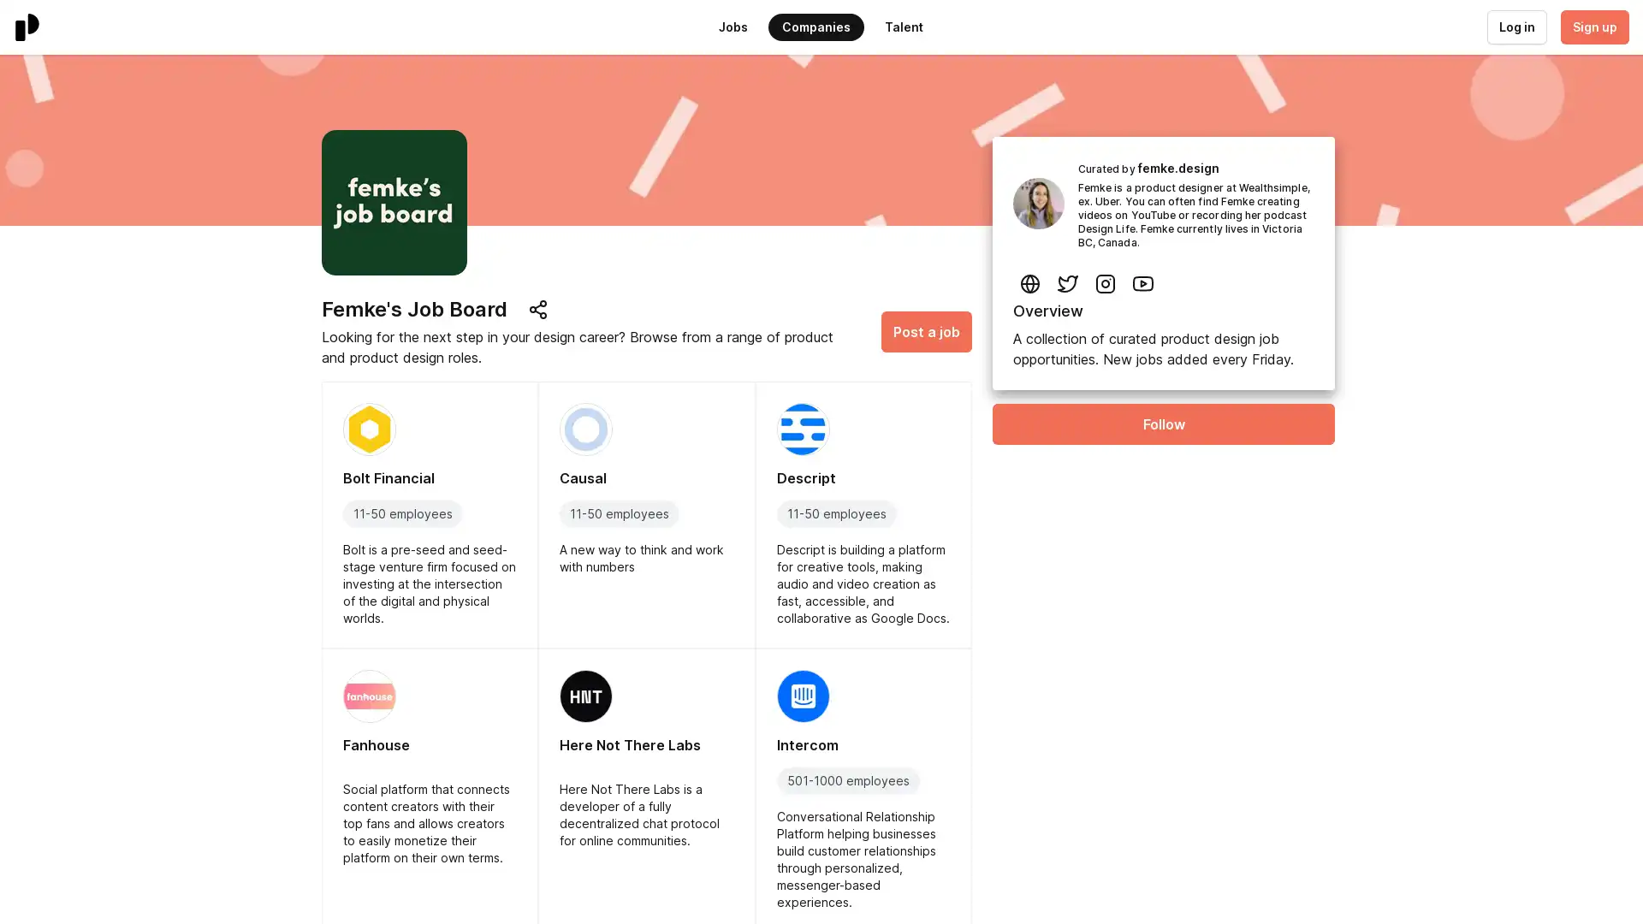 This screenshot has width=1643, height=924. Describe the element at coordinates (1515, 27) in the screenshot. I see `Log in` at that location.